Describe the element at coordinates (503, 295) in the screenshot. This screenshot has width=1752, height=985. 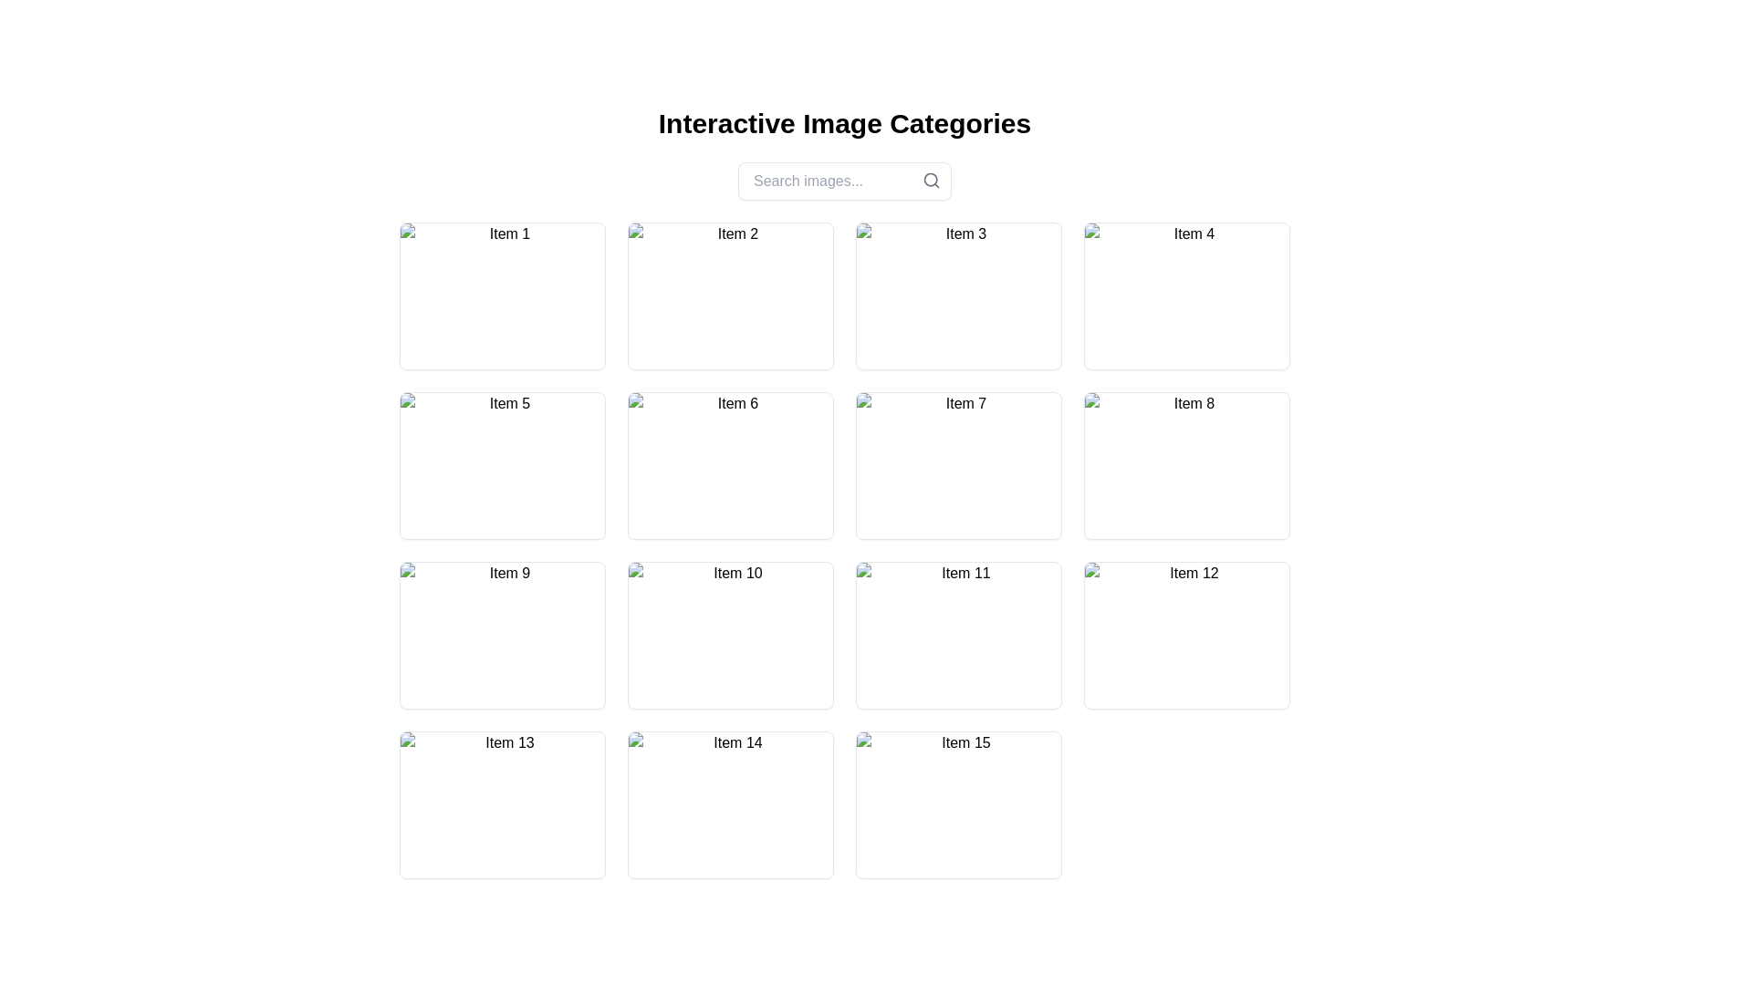
I see `the first interactive card` at that location.